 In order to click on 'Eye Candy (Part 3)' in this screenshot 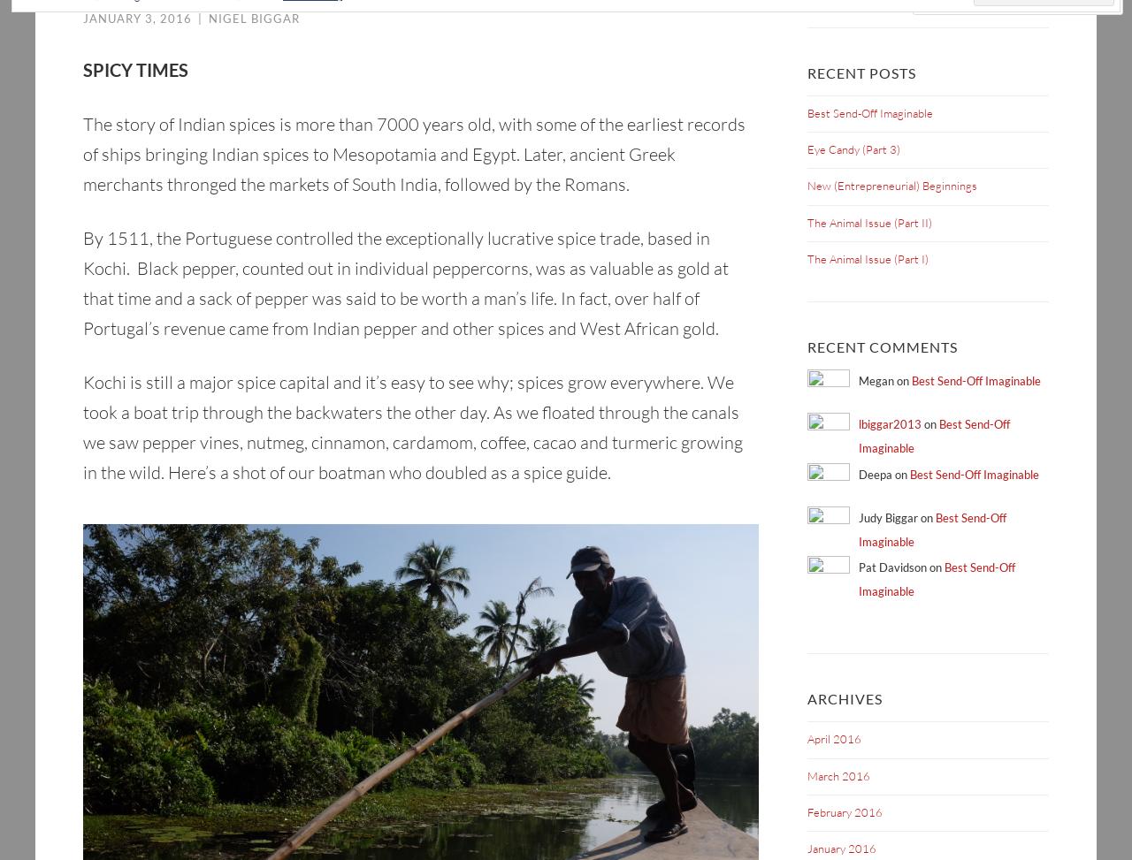, I will do `click(853, 149)`.